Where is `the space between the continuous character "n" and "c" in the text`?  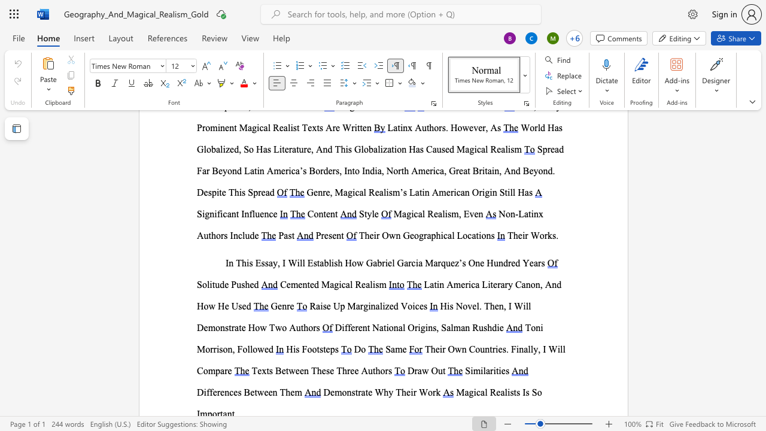
the space between the continuous character "n" and "c" in the text is located at coordinates (268, 213).